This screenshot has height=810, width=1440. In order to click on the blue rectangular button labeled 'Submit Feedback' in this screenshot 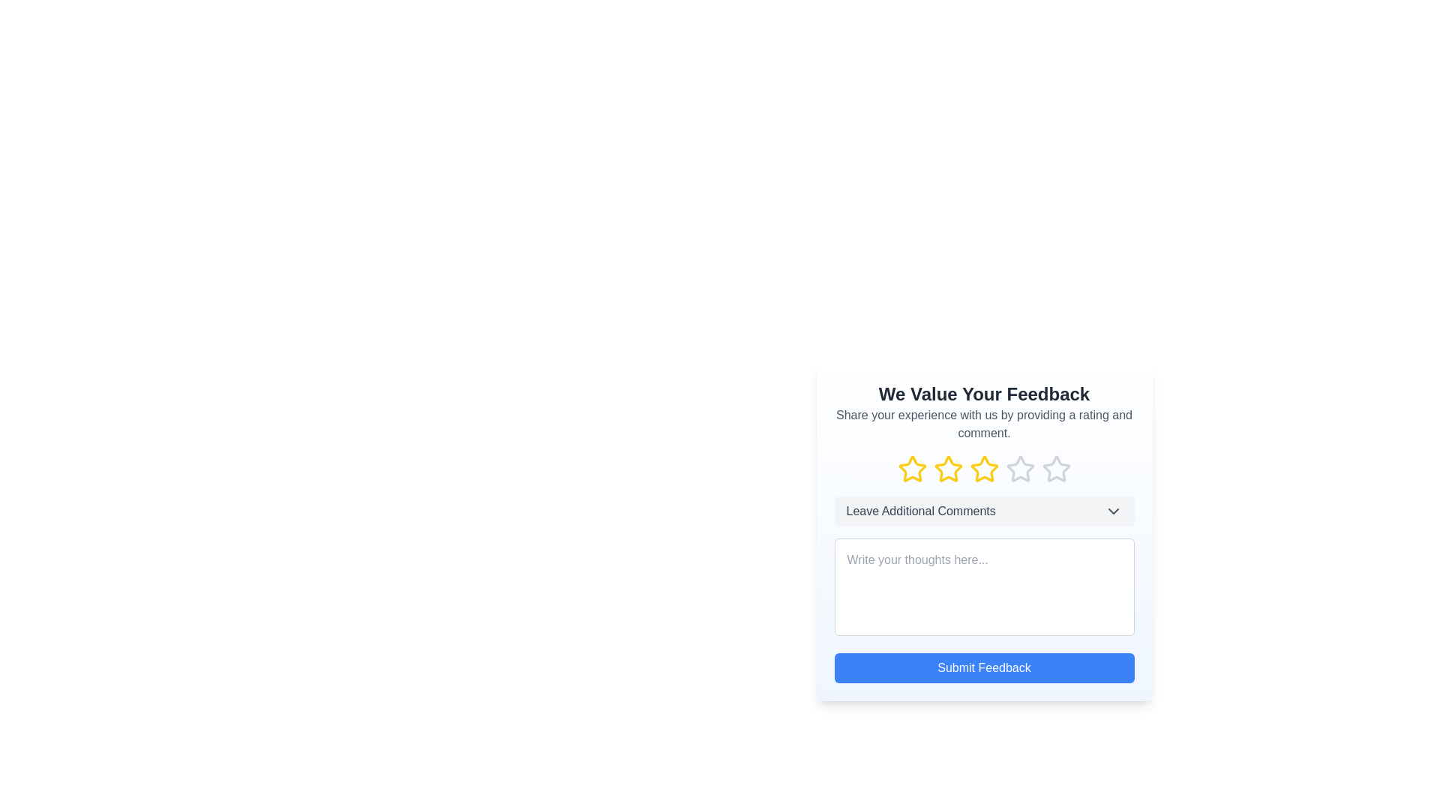, I will do `click(984, 667)`.